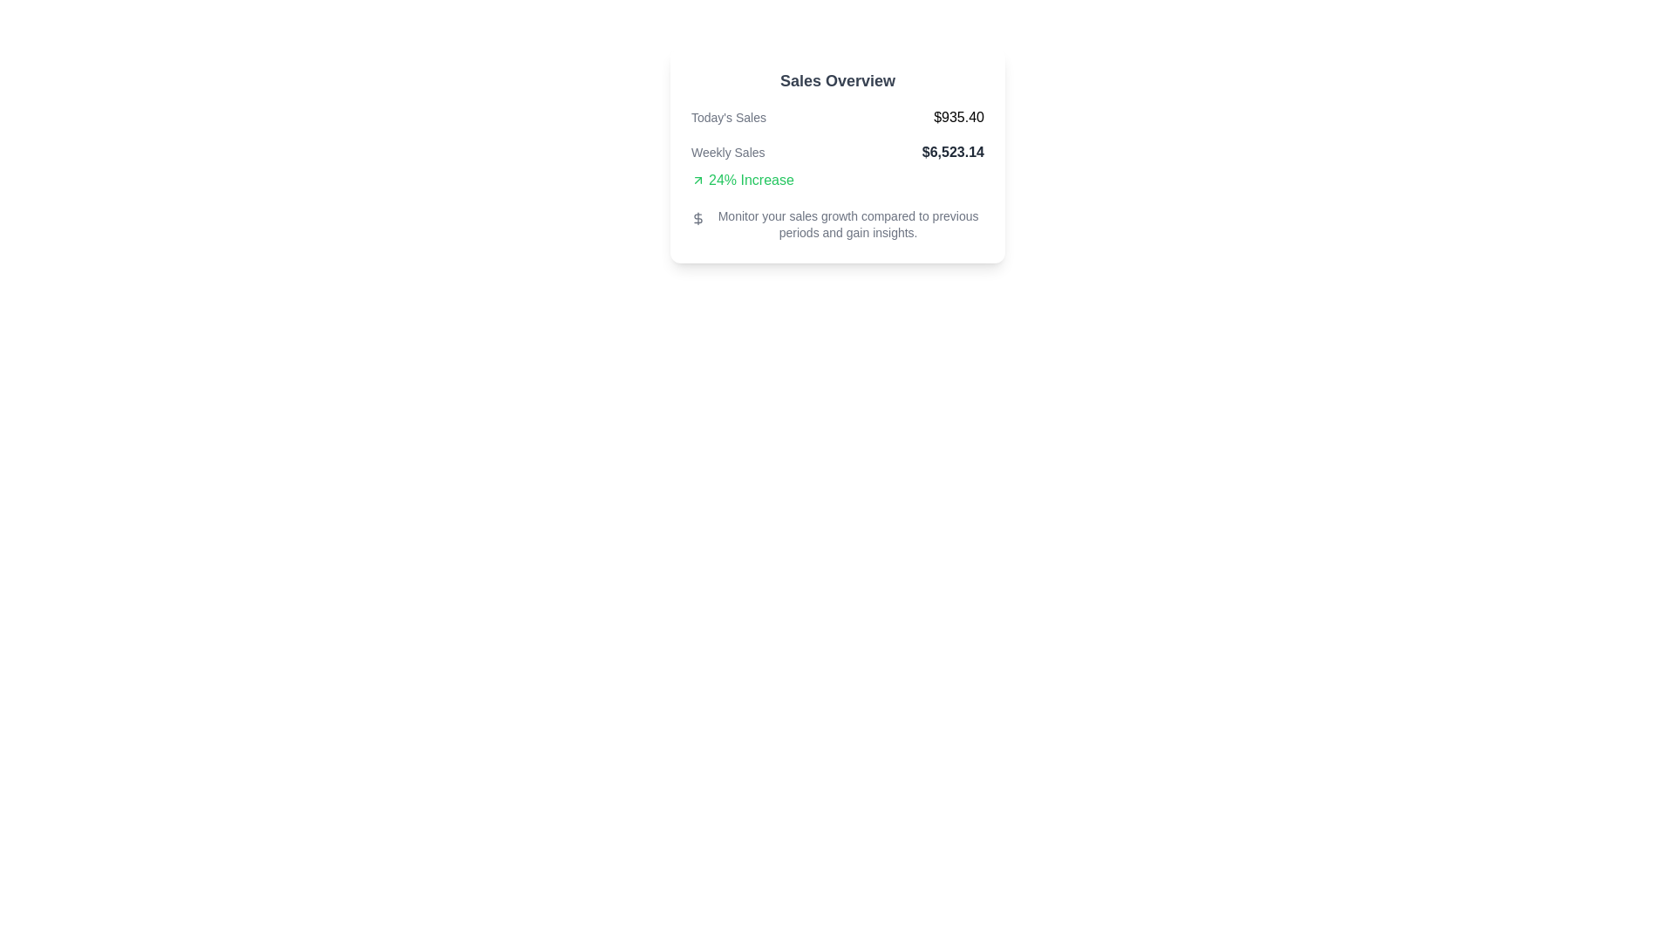 The height and width of the screenshot is (942, 1674). I want to click on the small text label displaying 'Today's Sales' within the financial summary card labeled 'Sales Overview', so click(728, 118).